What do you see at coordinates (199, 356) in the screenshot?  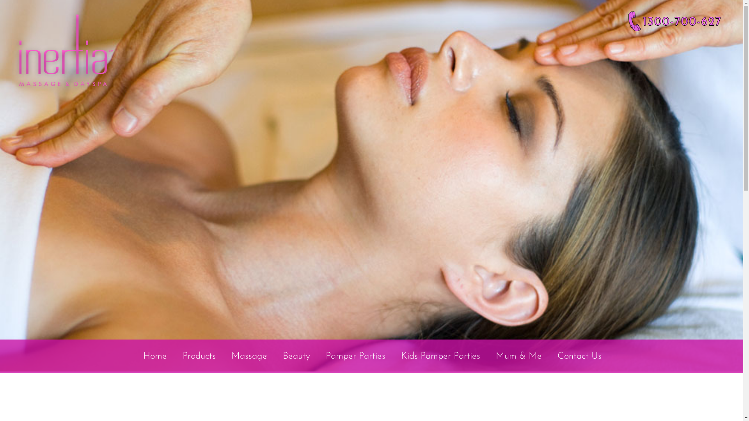 I see `'Products'` at bounding box center [199, 356].